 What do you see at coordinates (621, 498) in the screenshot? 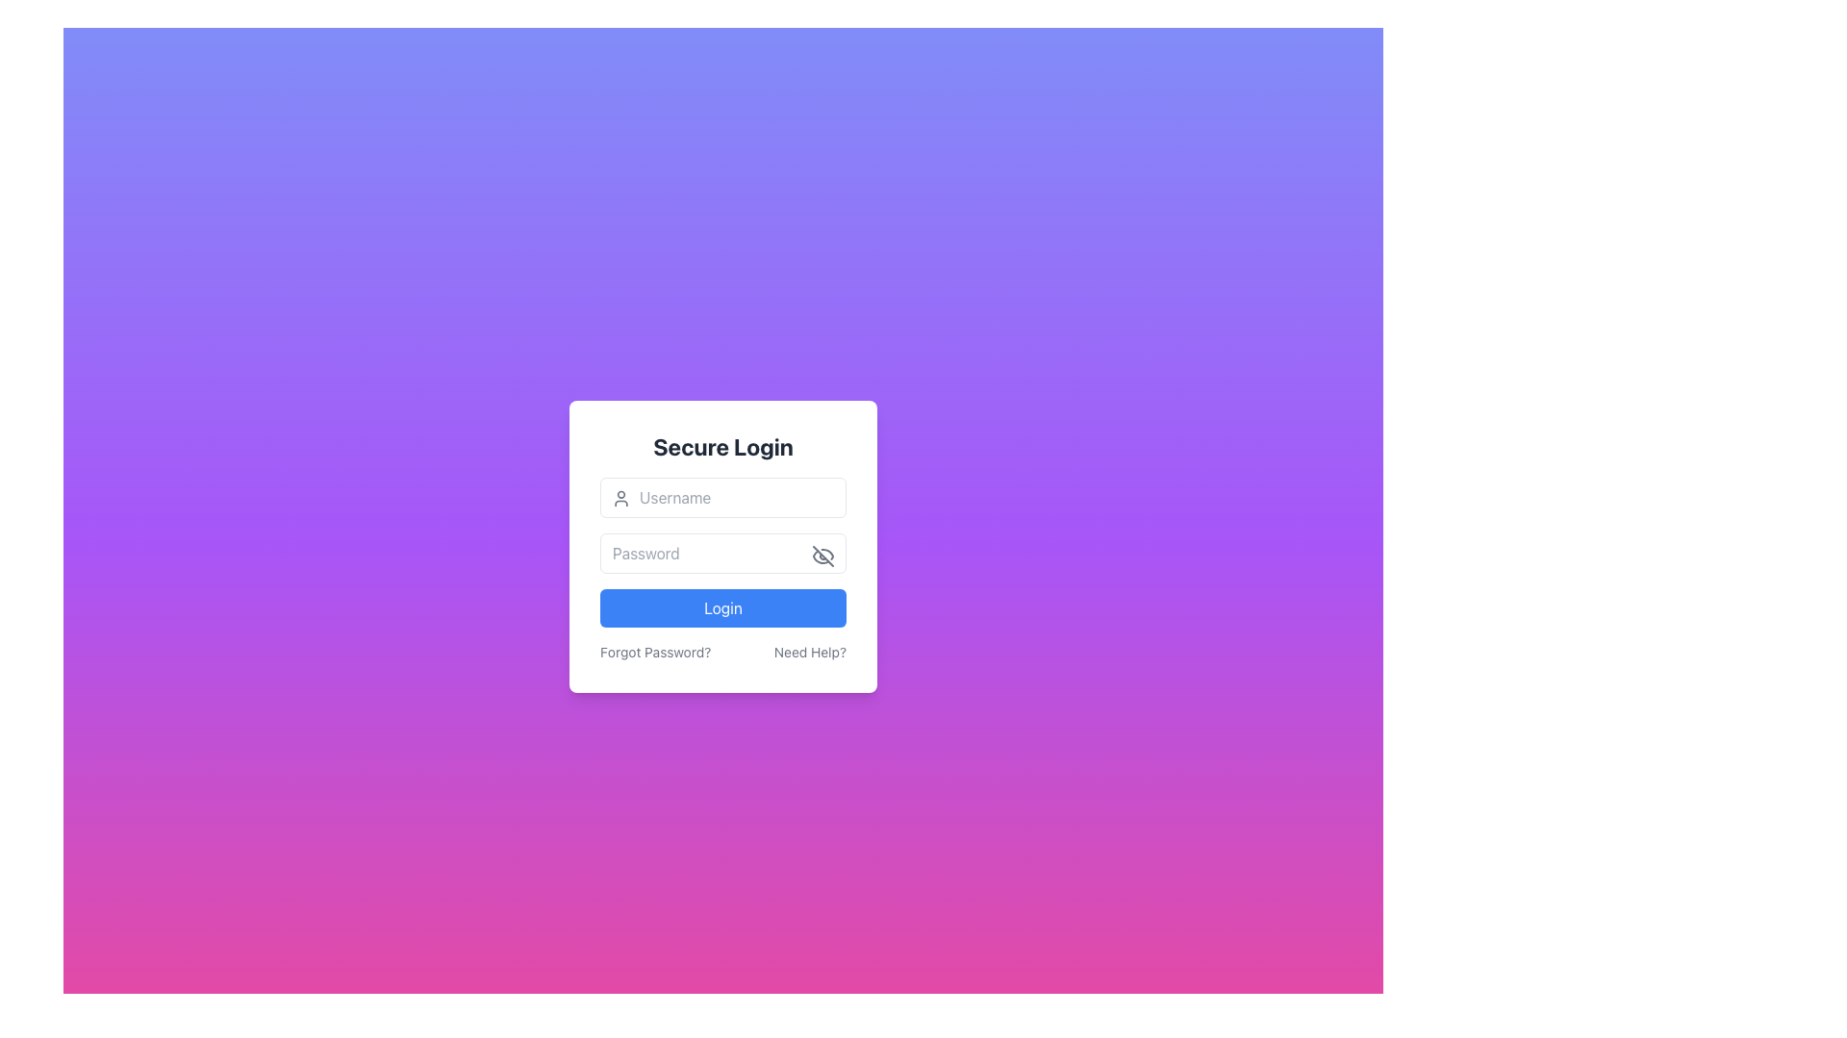
I see `the username input field icon located inside the secure login box, which serves as a visual cue for entering a username` at bounding box center [621, 498].